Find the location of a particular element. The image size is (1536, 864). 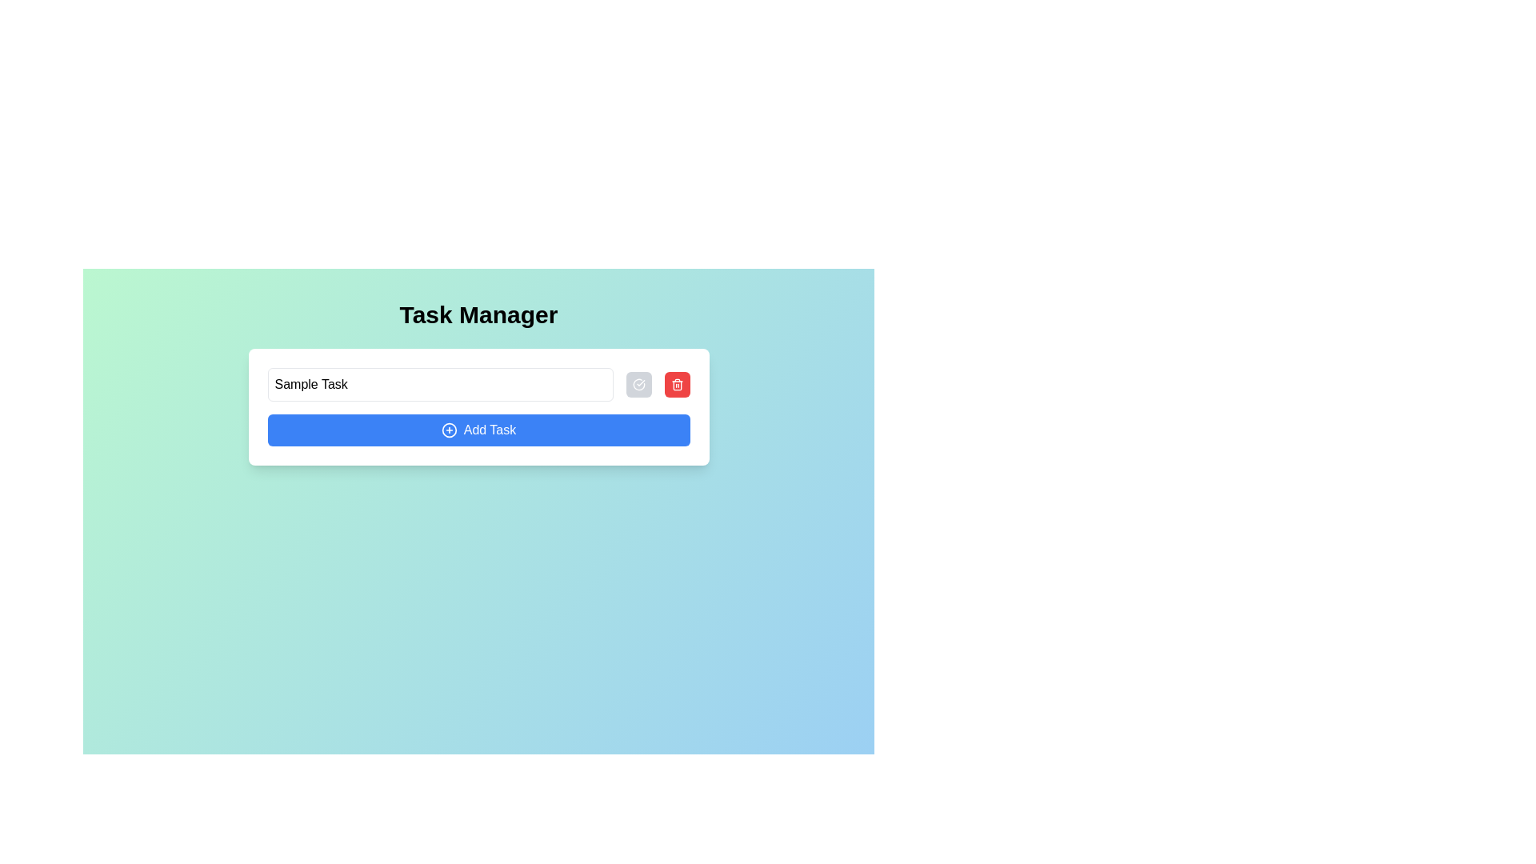

the red button that allows users is located at coordinates (677, 385).